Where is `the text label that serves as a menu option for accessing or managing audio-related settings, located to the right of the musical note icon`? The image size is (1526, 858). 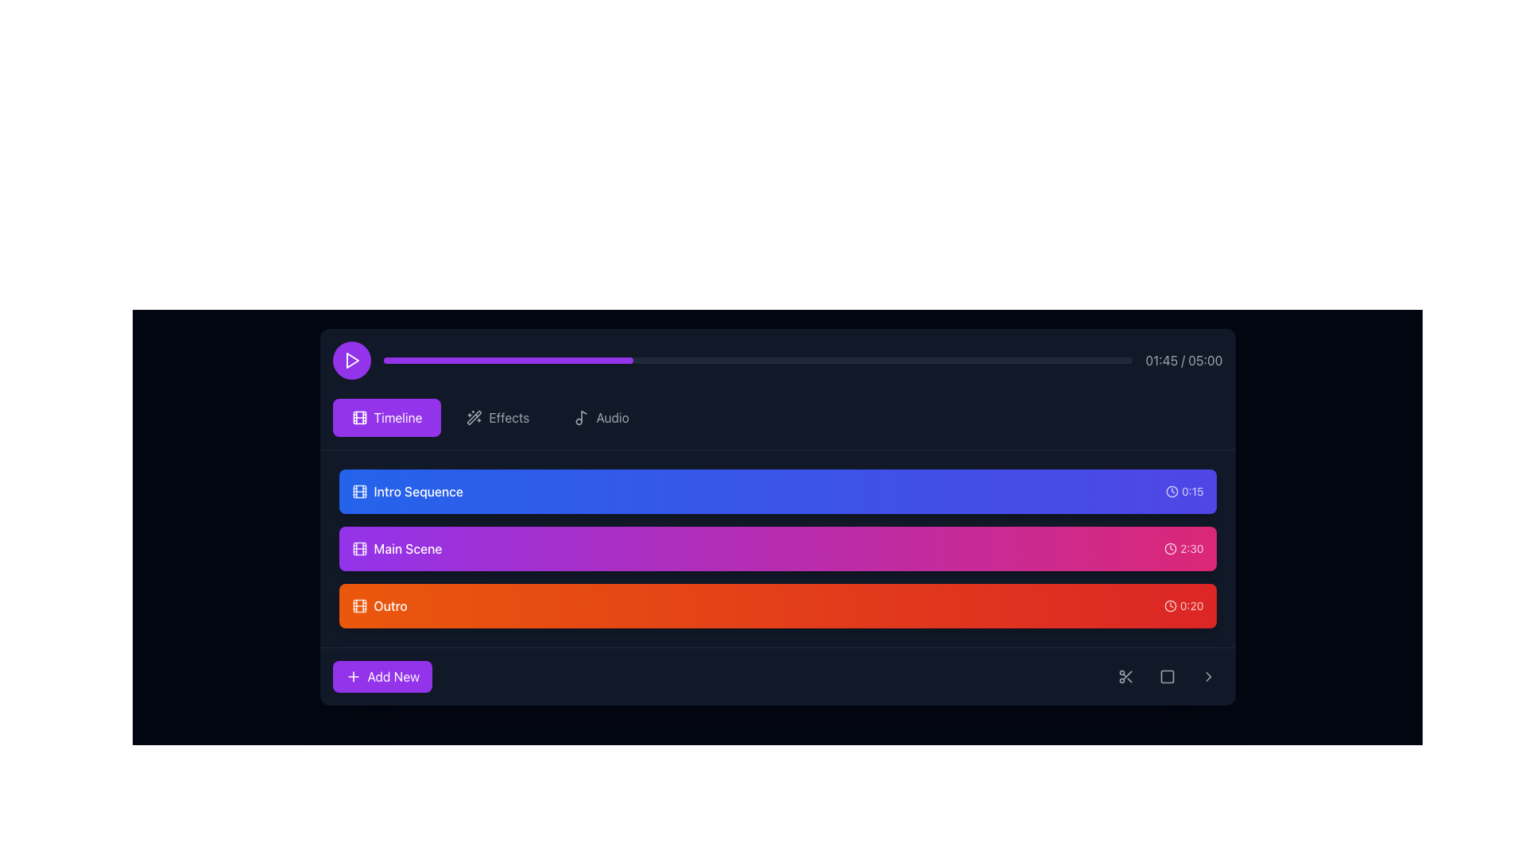
the text label that serves as a menu option for accessing or managing audio-related settings, located to the right of the musical note icon is located at coordinates (612, 416).